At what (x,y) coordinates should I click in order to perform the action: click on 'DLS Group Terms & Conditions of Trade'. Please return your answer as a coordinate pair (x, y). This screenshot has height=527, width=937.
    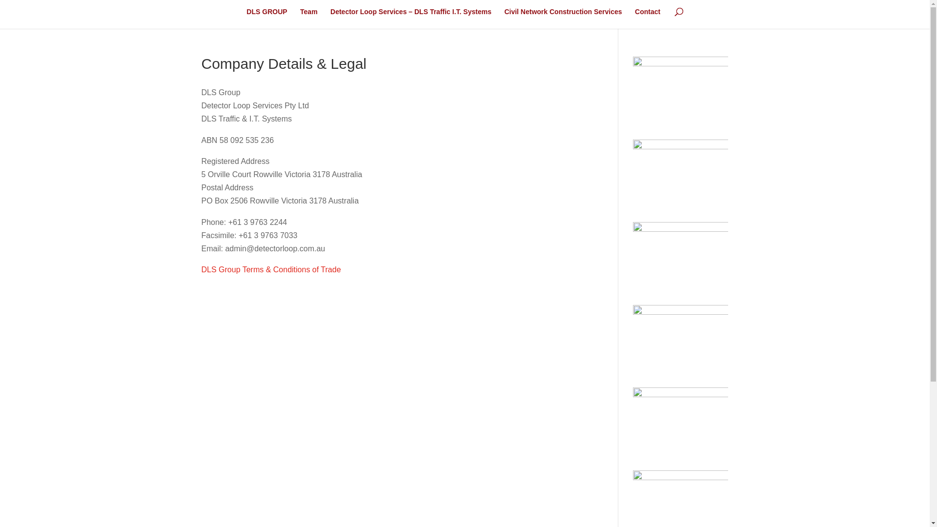
    Looking at the image, I should click on (271, 269).